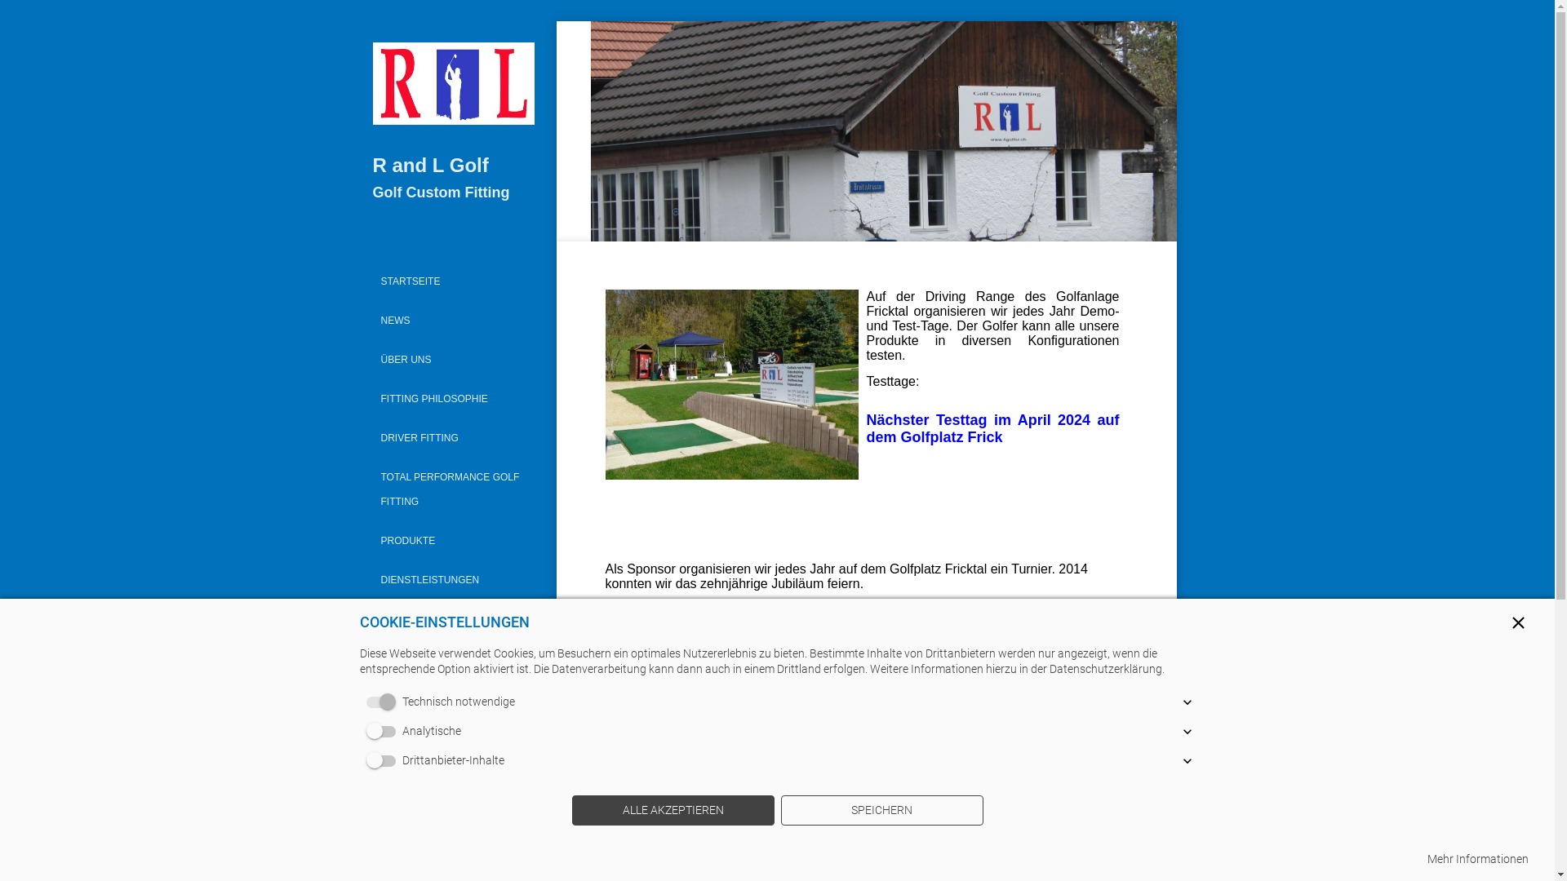 The height and width of the screenshot is (881, 1567). I want to click on 'TOTAL PERFORMANCE GOLF FITTING', so click(367, 489).